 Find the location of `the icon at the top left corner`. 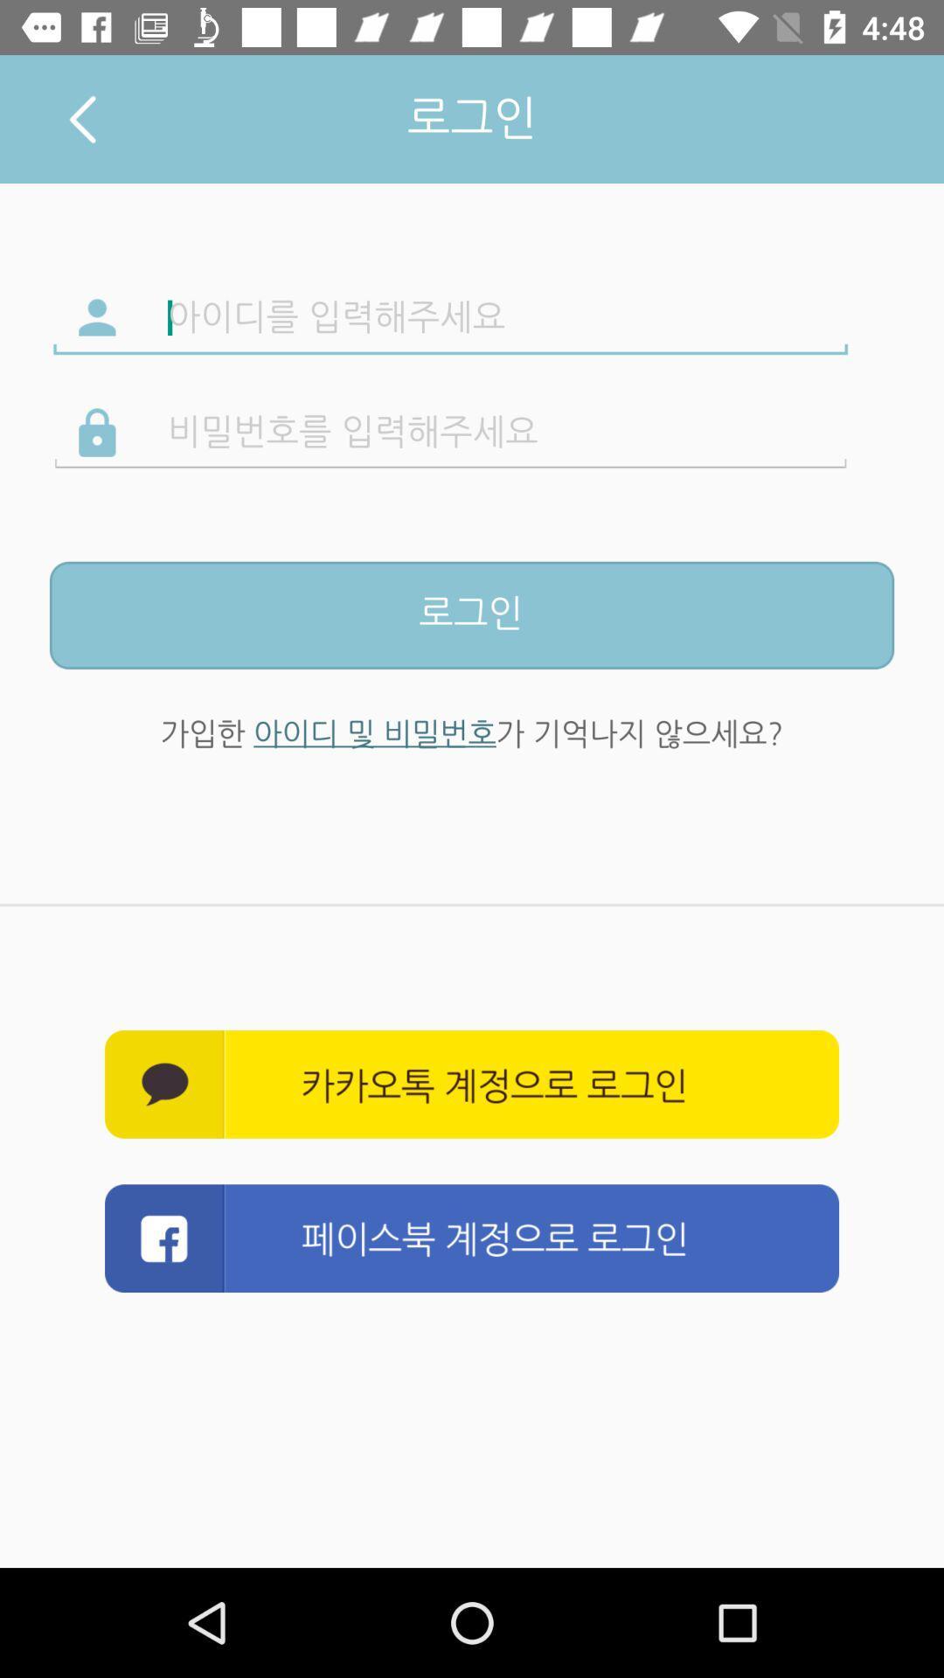

the icon at the top left corner is located at coordinates (82, 118).